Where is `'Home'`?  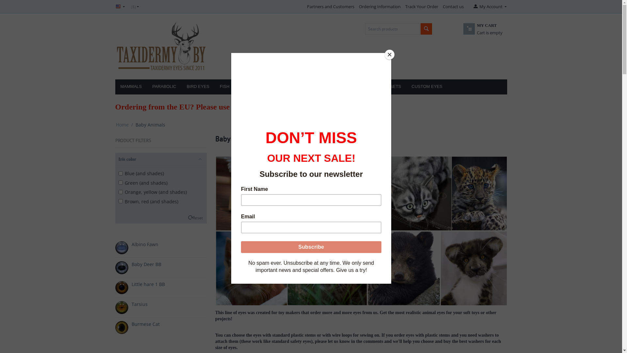
'Home' is located at coordinates (122, 125).